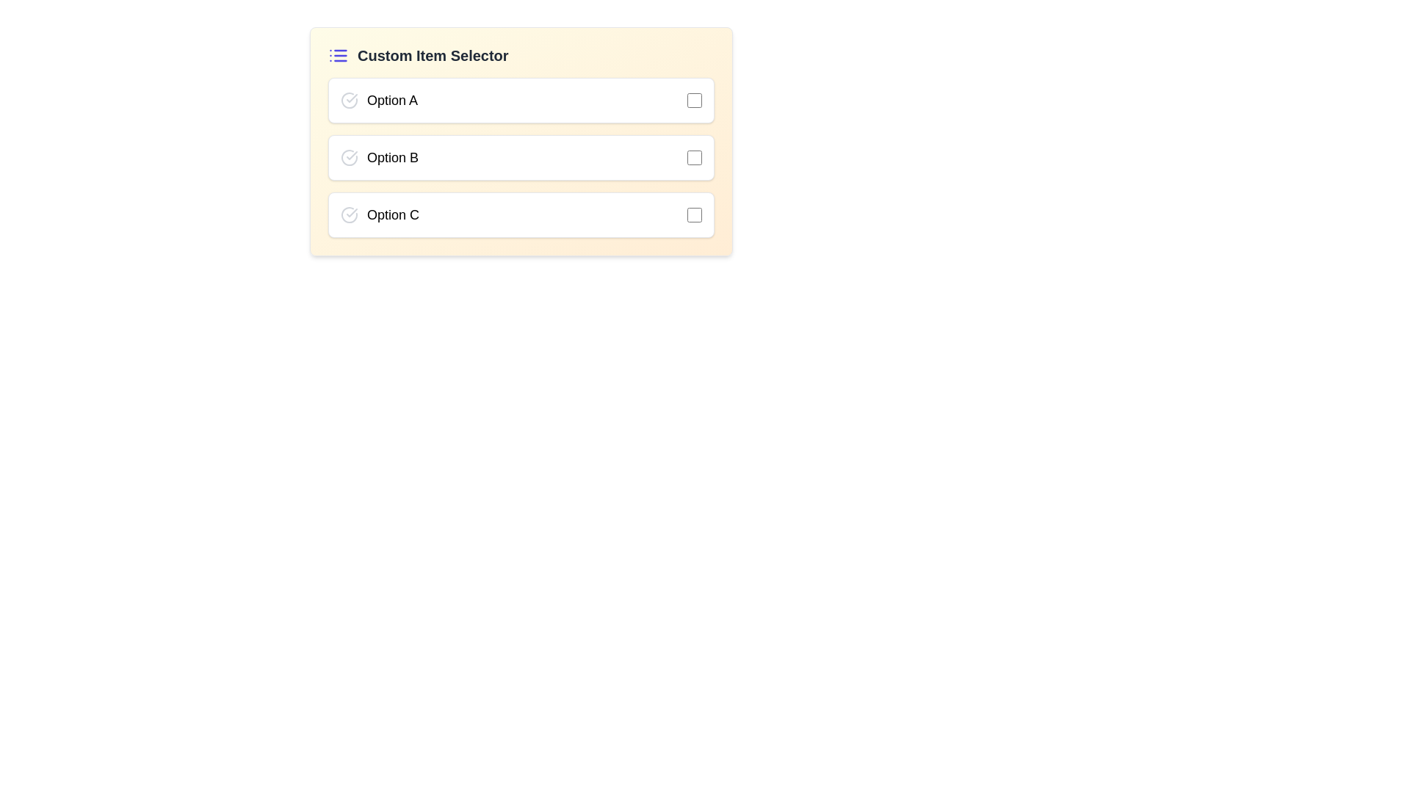 The width and height of the screenshot is (1410, 793). Describe the element at coordinates (348, 158) in the screenshot. I see `the selection indicator icon for 'Option B', which is located to the left of the text label and indicates the active state of this option` at that location.